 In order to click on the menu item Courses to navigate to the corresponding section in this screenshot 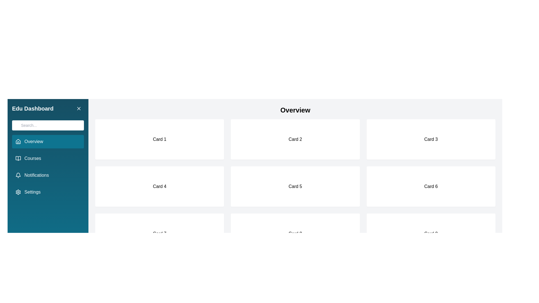, I will do `click(48, 158)`.